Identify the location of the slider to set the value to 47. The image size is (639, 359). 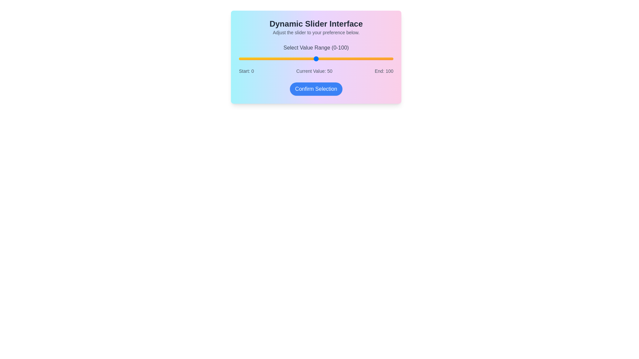
(311, 59).